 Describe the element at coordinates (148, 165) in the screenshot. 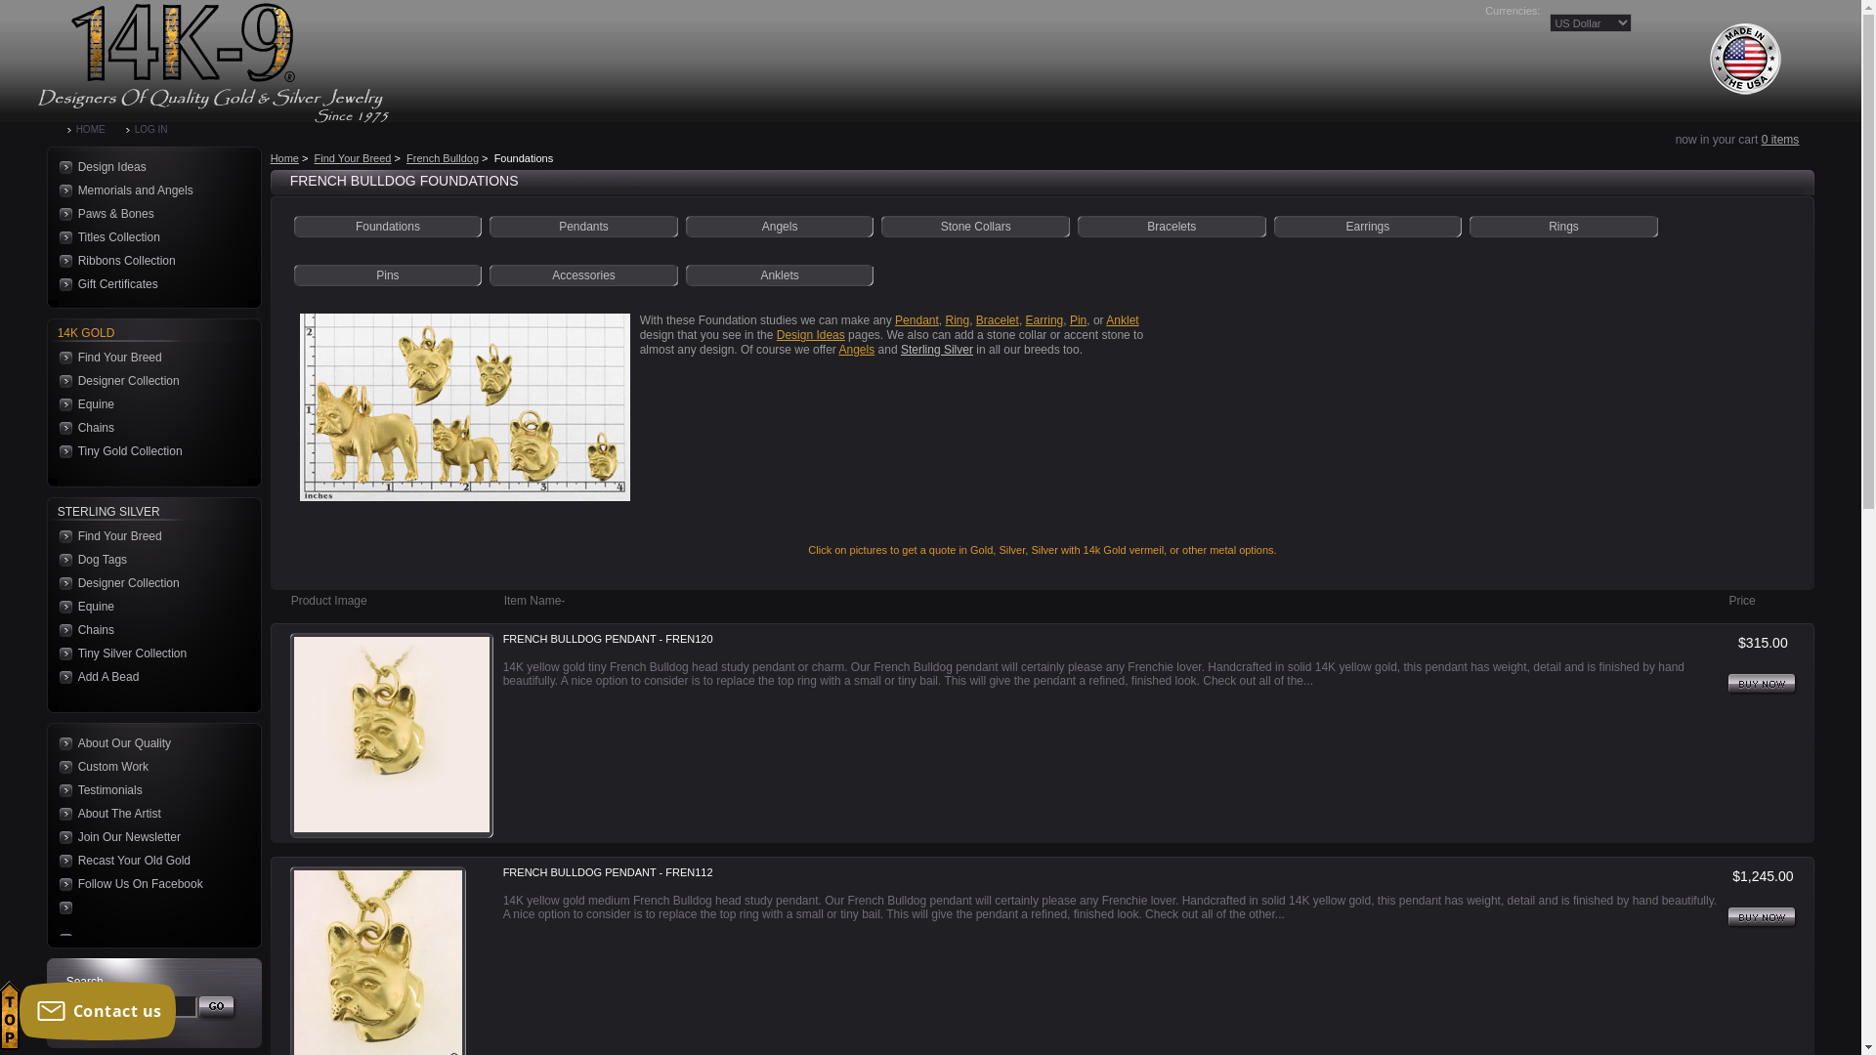

I see `'Design Ideas'` at that location.